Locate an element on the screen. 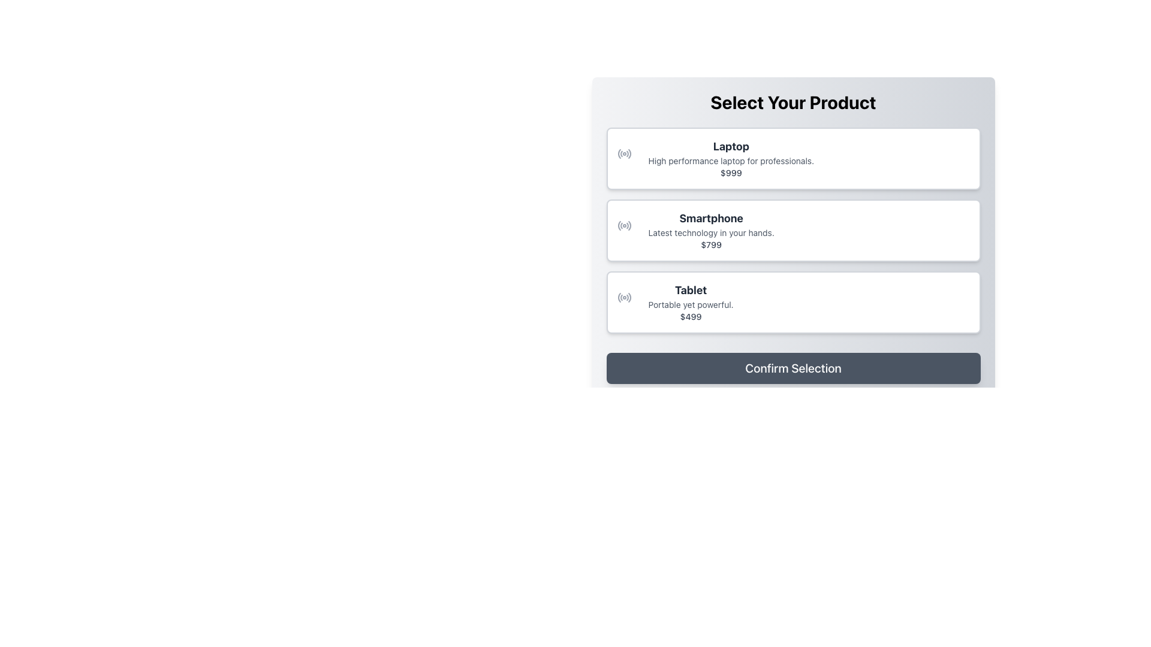  the decorative icon symbolizing connectivity or technology located at the top-left corner of the 'Smartphone' card, which is the middle card in a vertical list of three product cards is located at coordinates (628, 231).